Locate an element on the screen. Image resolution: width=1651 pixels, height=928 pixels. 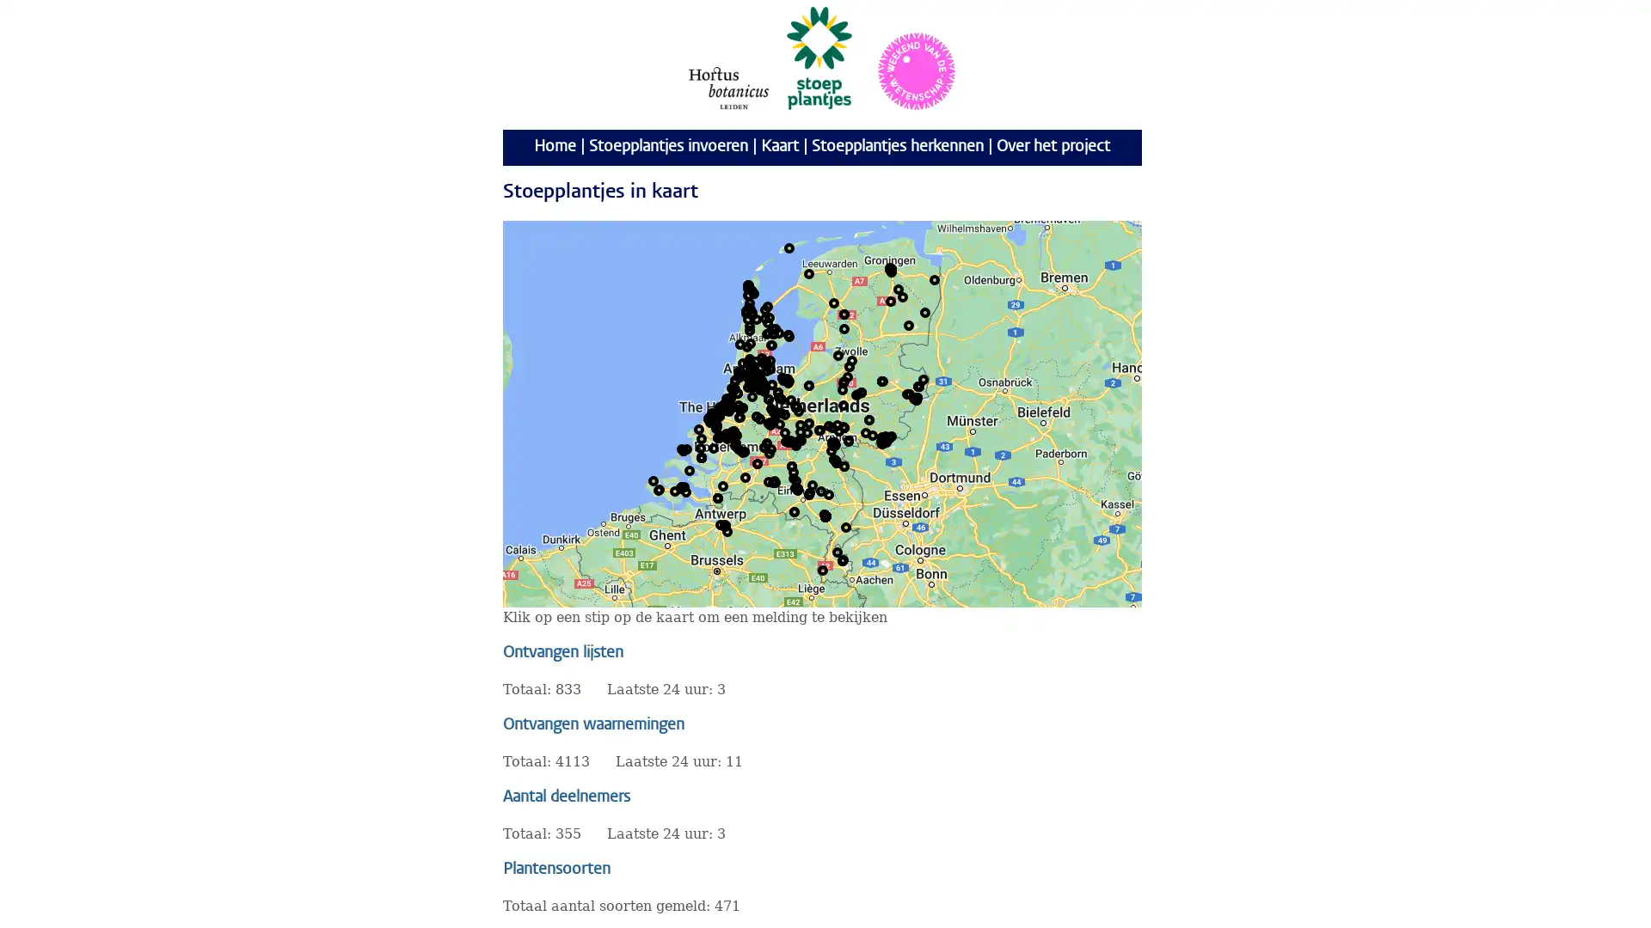
Telling van Edward Brans op 13 oktober 2021 is located at coordinates (702, 437).